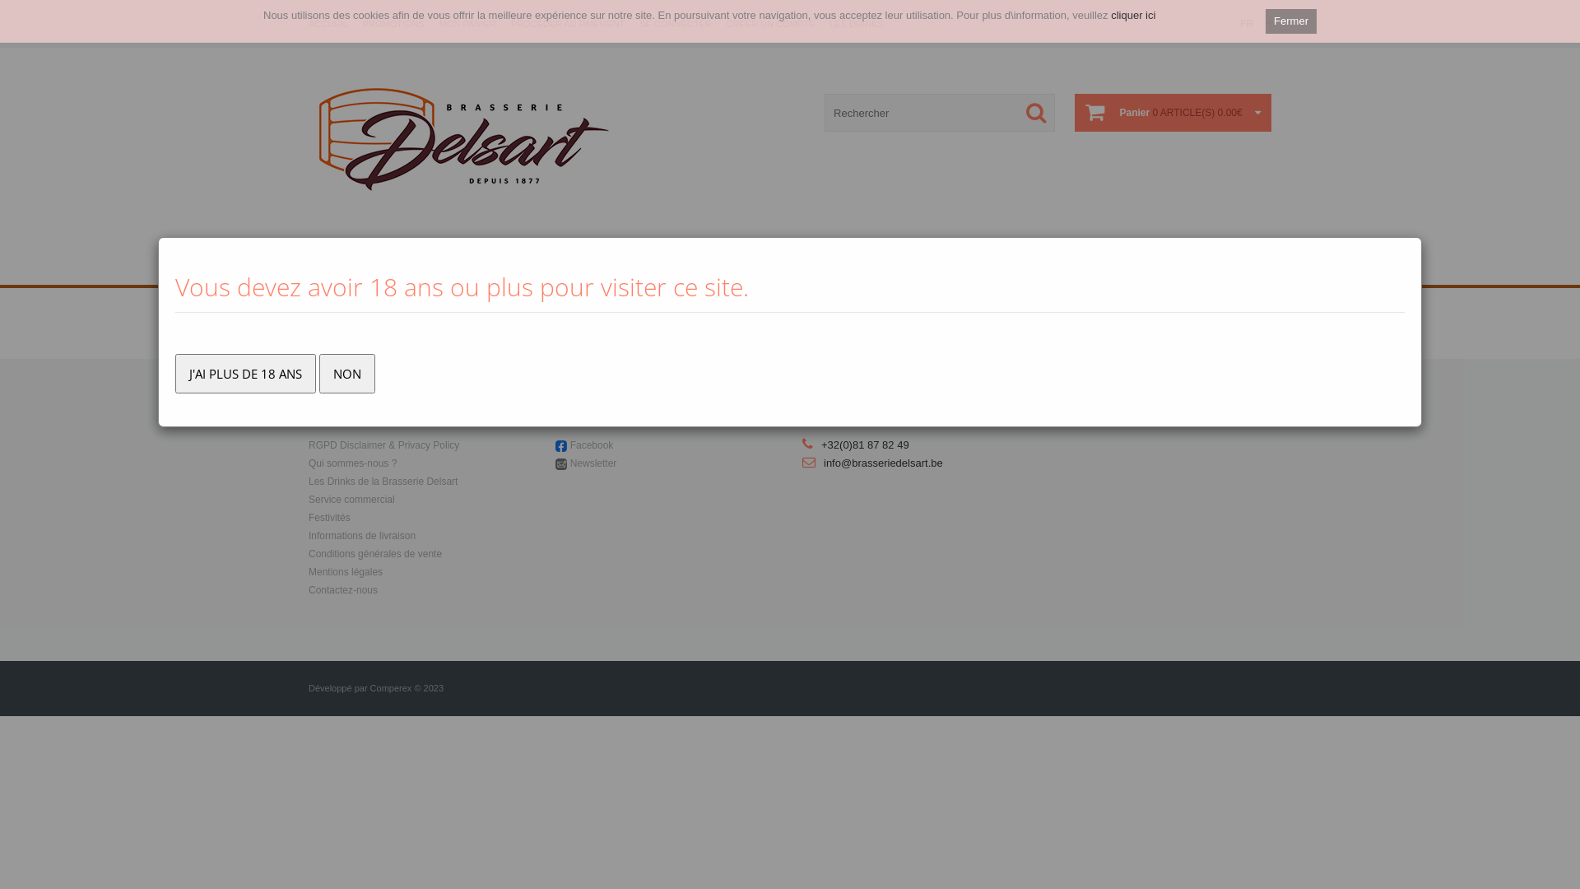 Image resolution: width=1580 pixels, height=889 pixels. I want to click on '+32(0)81 87 82 49', so click(864, 444).